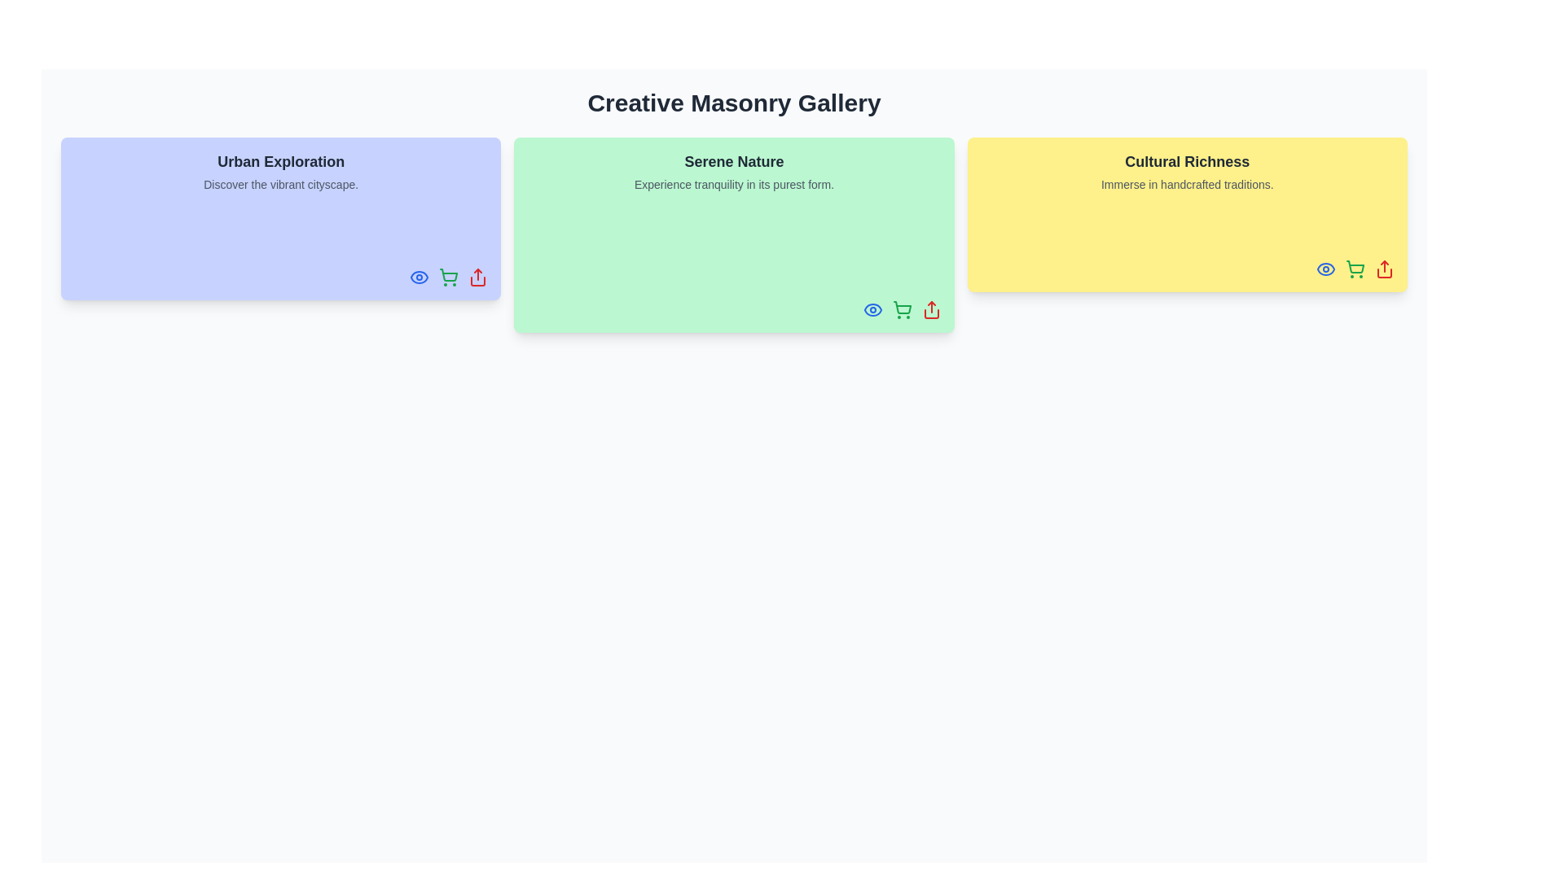 This screenshot has width=1564, height=879. What do you see at coordinates (931, 310) in the screenshot?
I see `the sharing button located at the bottom-right corner of the 'Serene Nature' card` at bounding box center [931, 310].